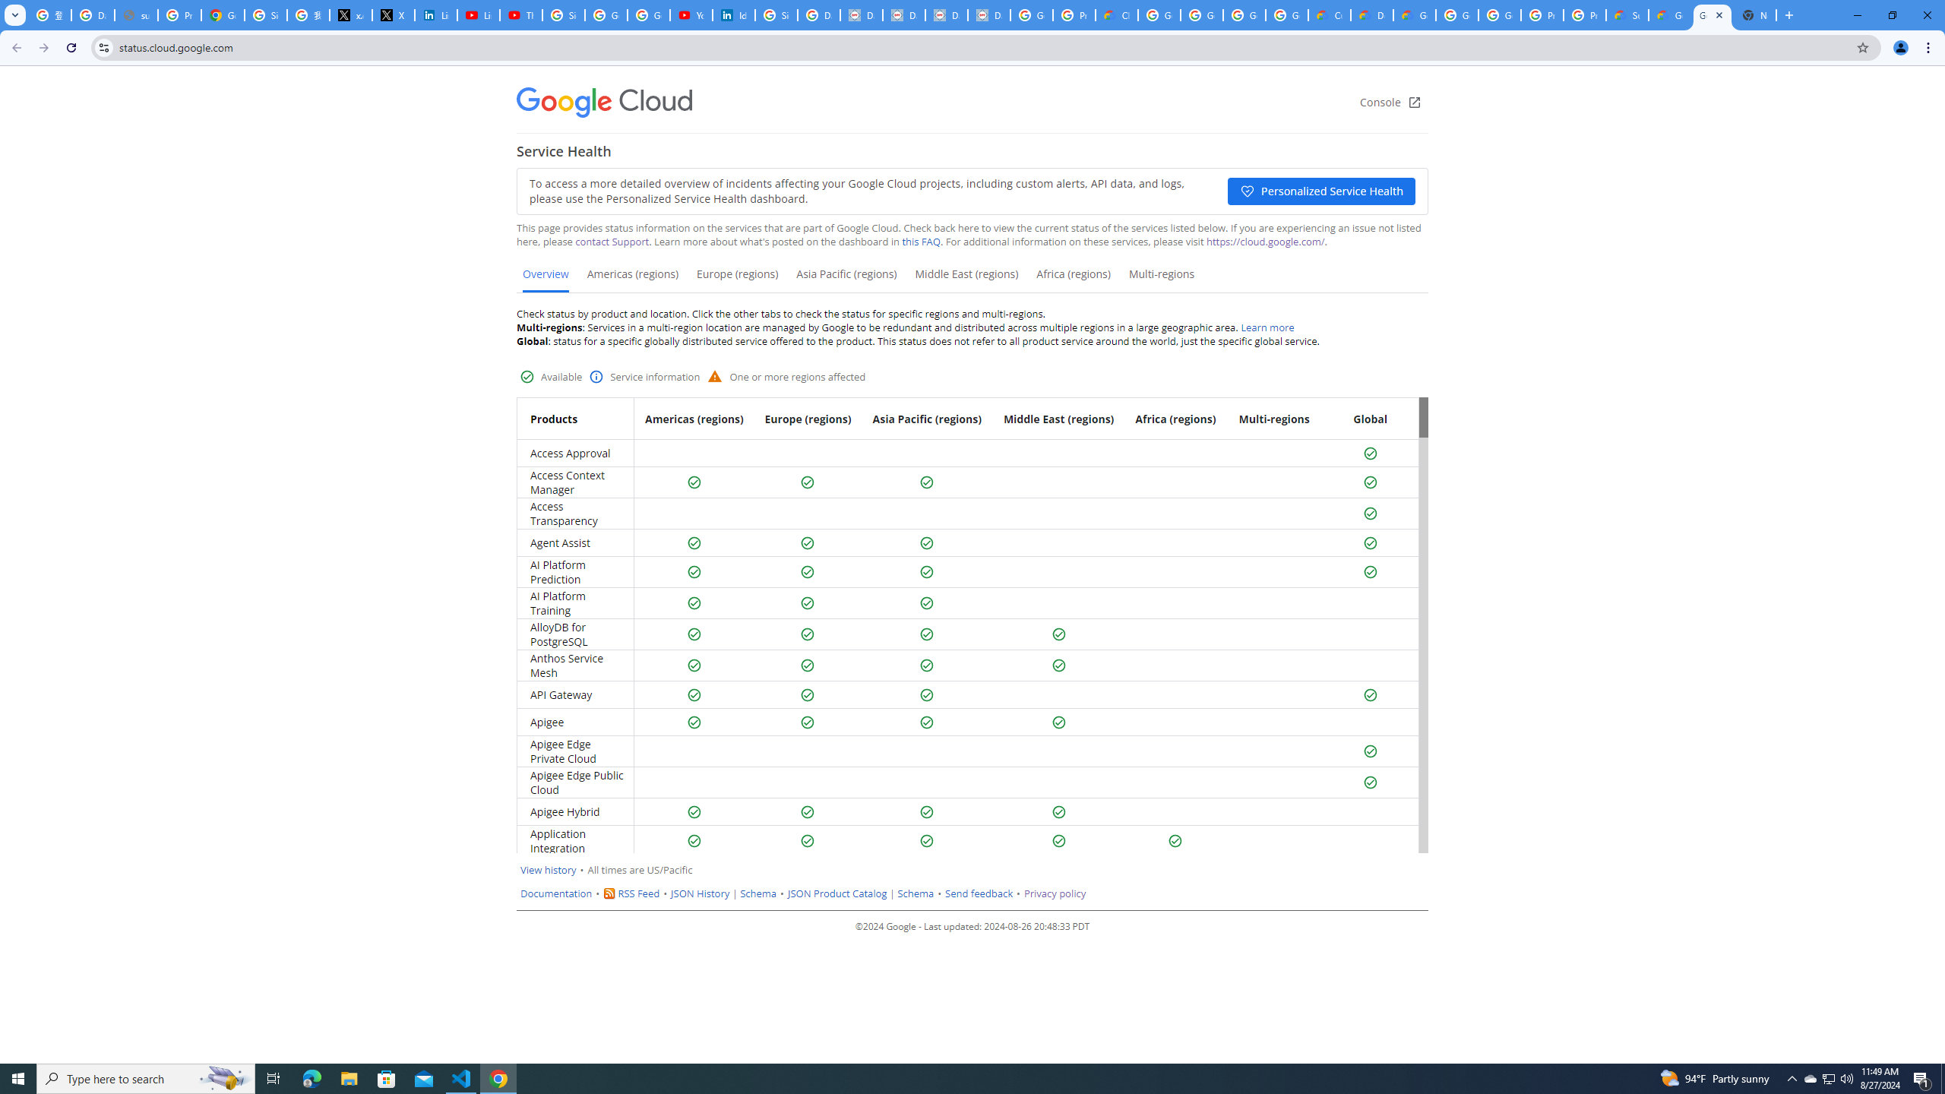 This screenshot has height=1094, width=1945. What do you see at coordinates (1390, 102) in the screenshot?
I see `'Console'` at bounding box center [1390, 102].